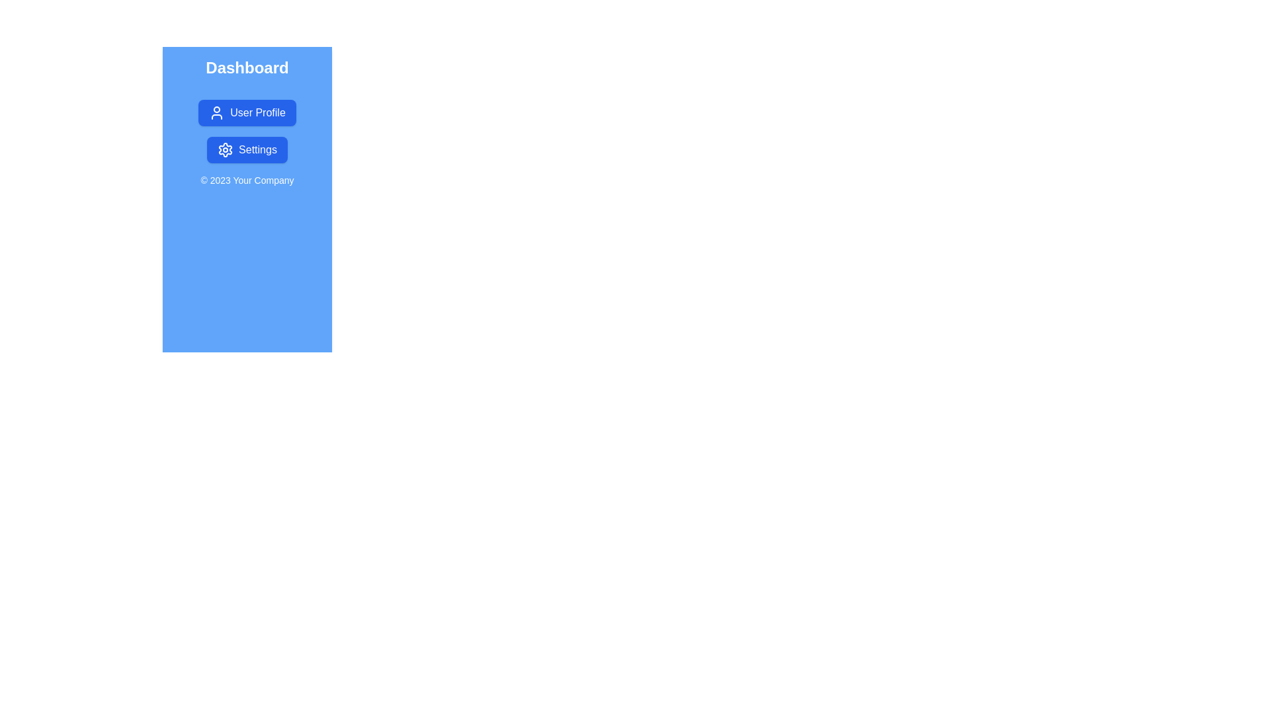 Image resolution: width=1270 pixels, height=714 pixels. Describe the element at coordinates (247, 149) in the screenshot. I see `the 'Settings' button located in the drawer` at that location.